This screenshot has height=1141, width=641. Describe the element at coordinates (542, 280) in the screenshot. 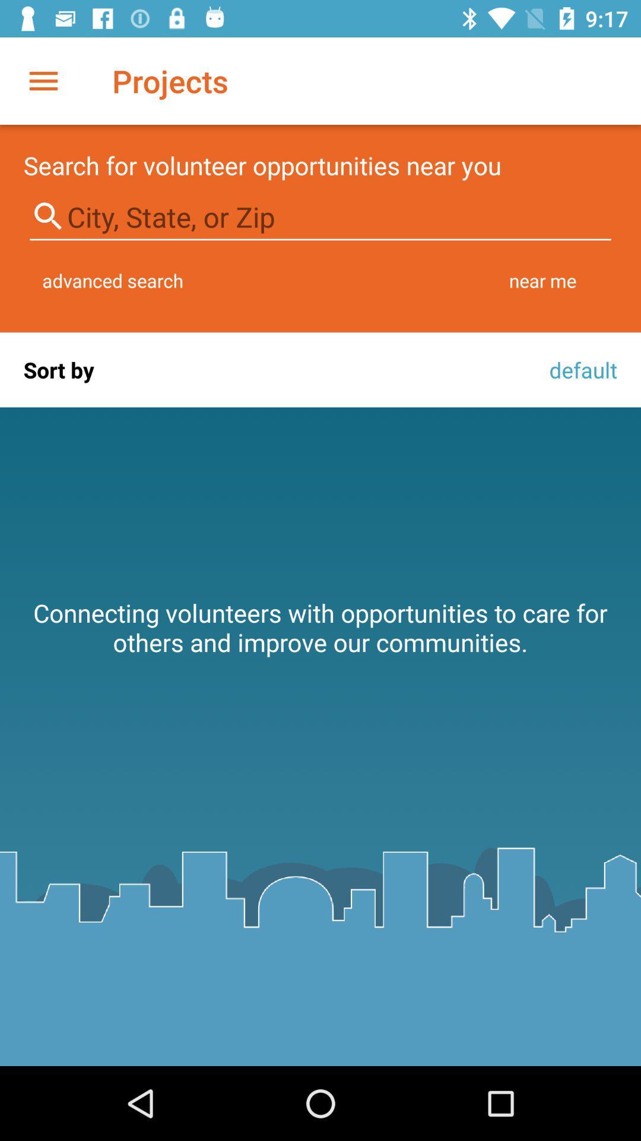

I see `near me icon` at that location.